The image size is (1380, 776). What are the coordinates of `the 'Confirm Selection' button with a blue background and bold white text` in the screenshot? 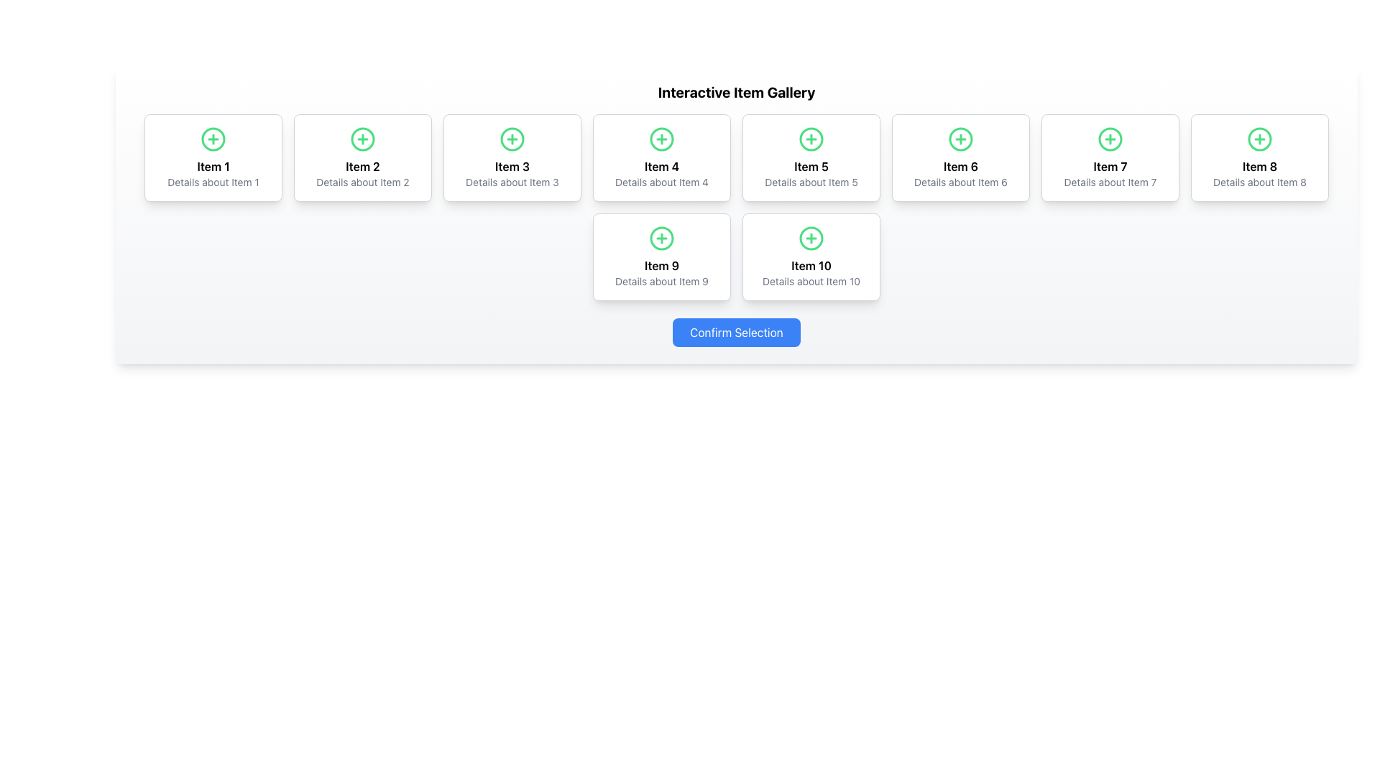 It's located at (737, 332).